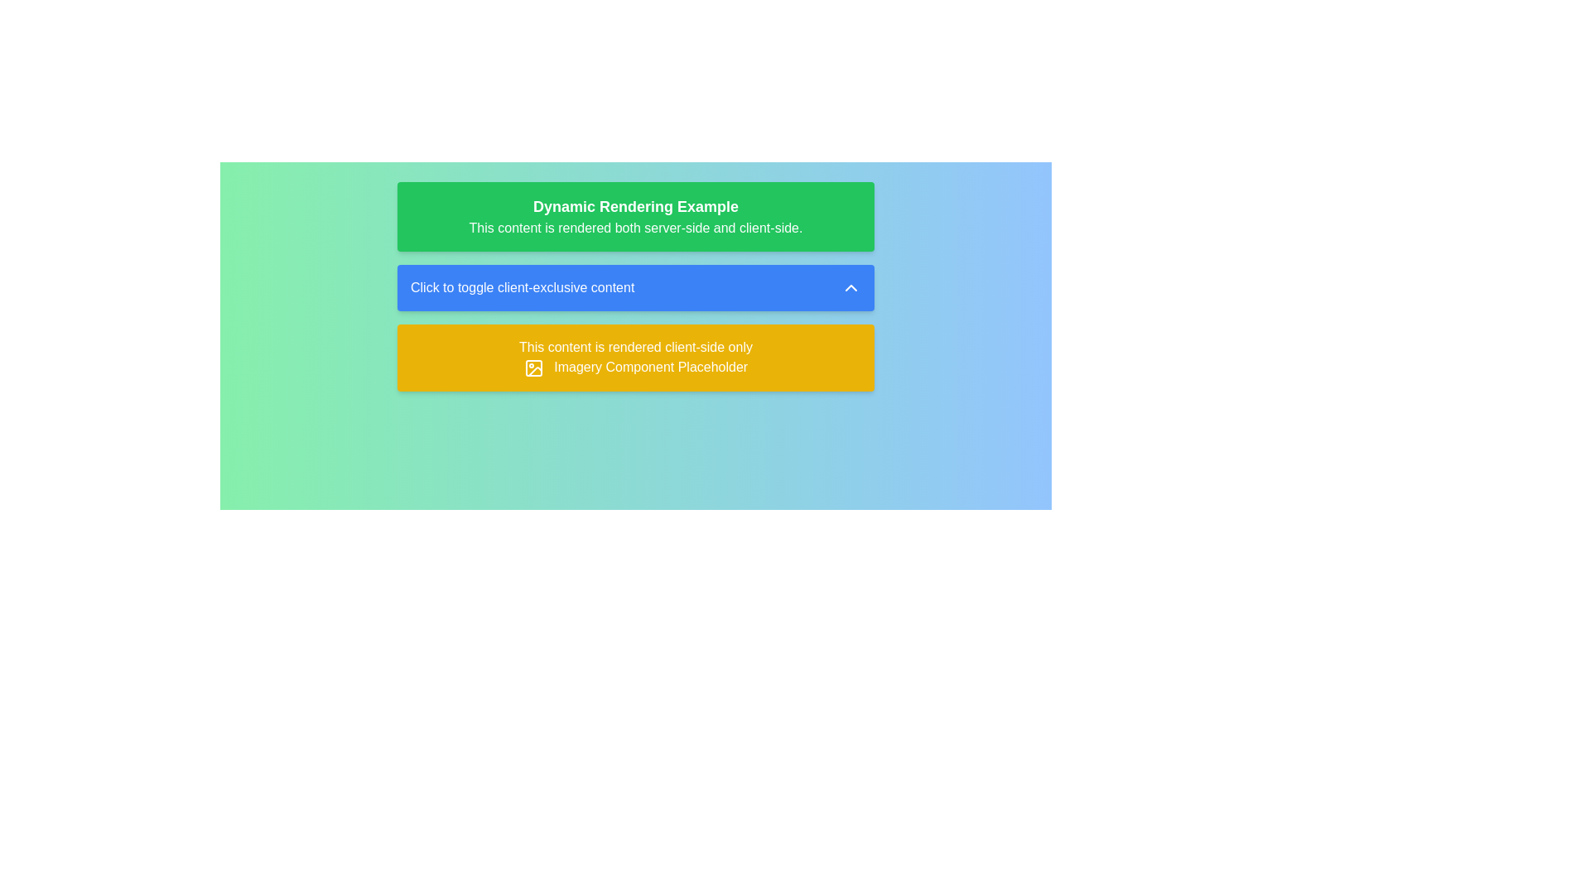  I want to click on the text label 'Imagery Component Placeholder' with a vivid orange background, located centrally within the yellow card labeled 'This content is rendered client-side only.', so click(650, 366).